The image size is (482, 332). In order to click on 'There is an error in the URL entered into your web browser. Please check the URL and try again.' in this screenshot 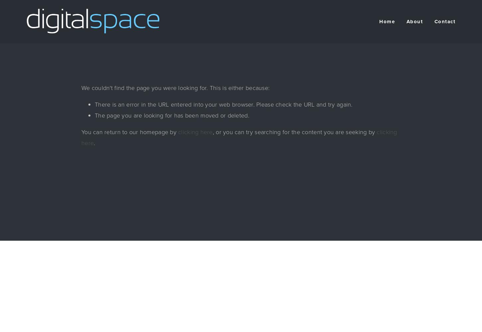, I will do `click(223, 104)`.